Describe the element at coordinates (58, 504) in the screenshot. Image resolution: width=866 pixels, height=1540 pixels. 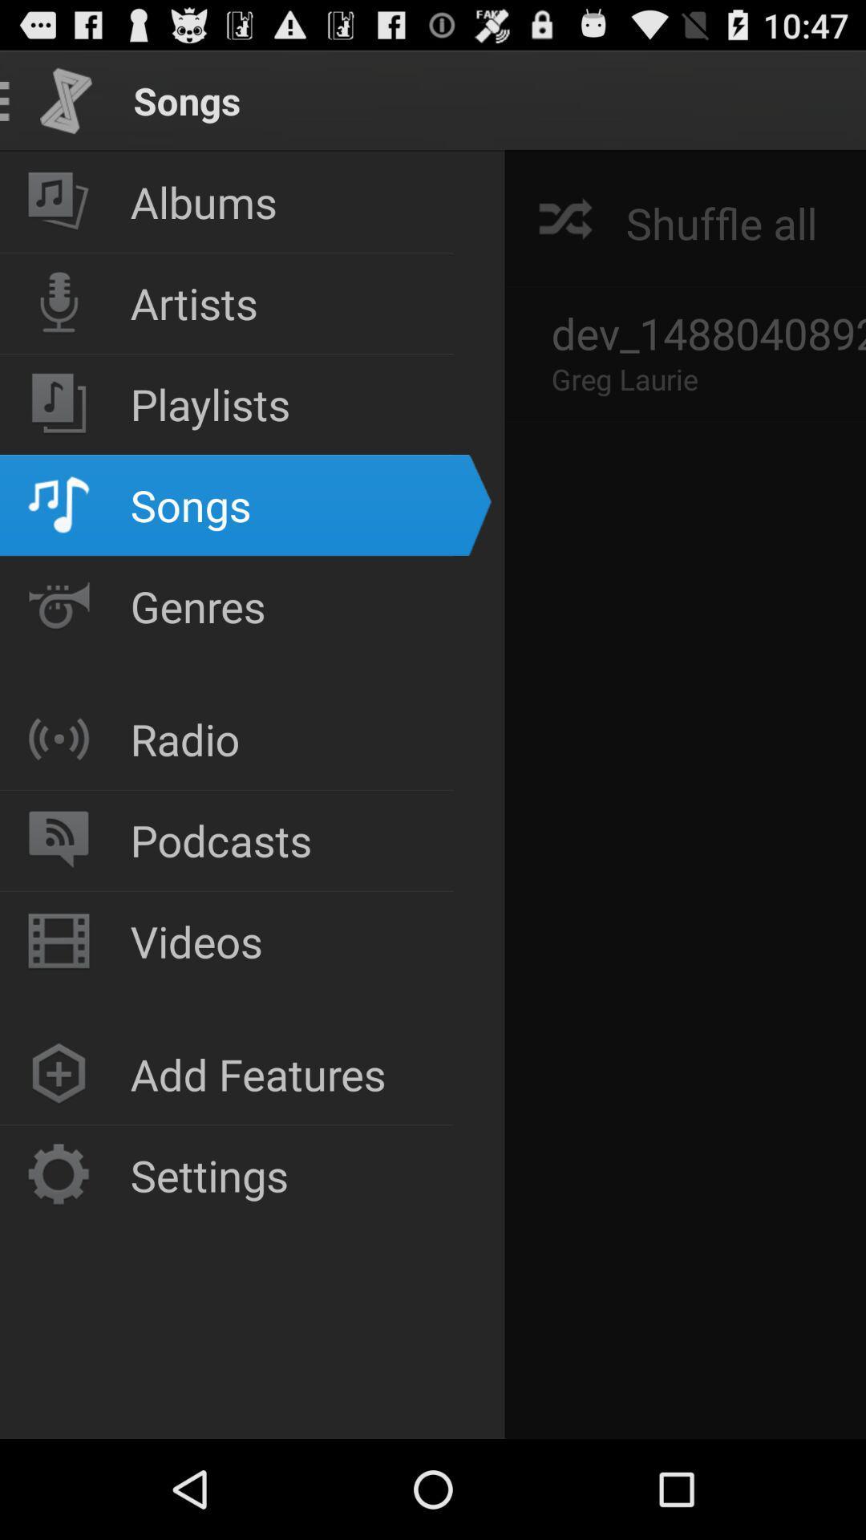
I see `the music symbol which is in the blue color box` at that location.